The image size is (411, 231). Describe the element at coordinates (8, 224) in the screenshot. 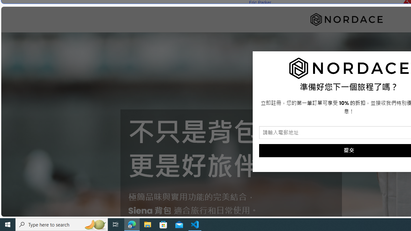

I see `'Start'` at that location.